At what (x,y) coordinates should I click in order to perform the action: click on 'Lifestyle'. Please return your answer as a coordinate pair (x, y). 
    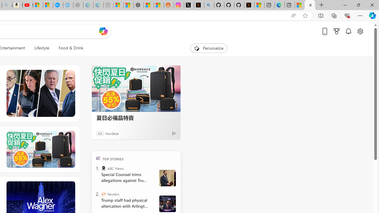
    Looking at the image, I should click on (41, 48).